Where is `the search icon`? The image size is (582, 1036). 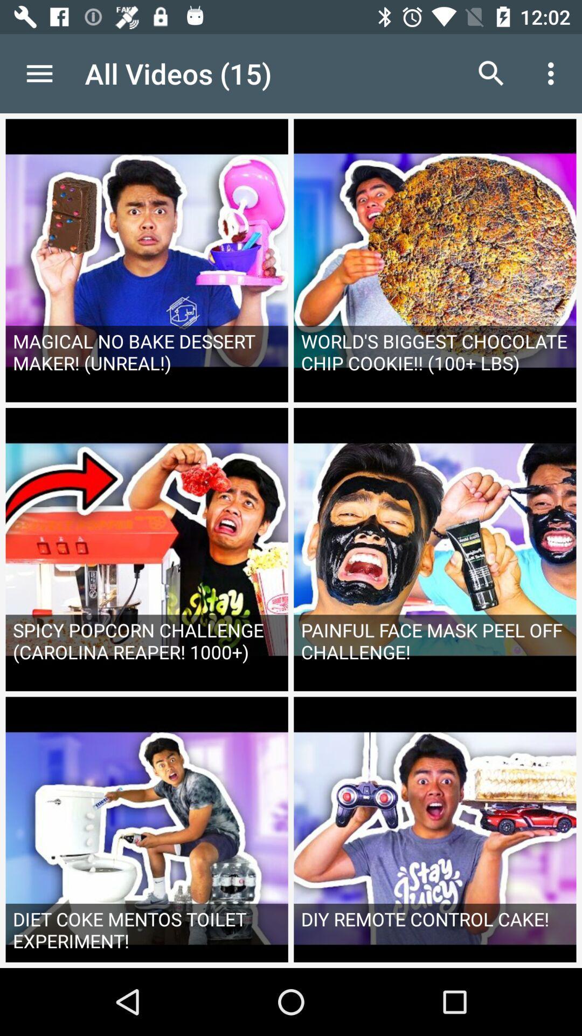 the search icon is located at coordinates (491, 73).